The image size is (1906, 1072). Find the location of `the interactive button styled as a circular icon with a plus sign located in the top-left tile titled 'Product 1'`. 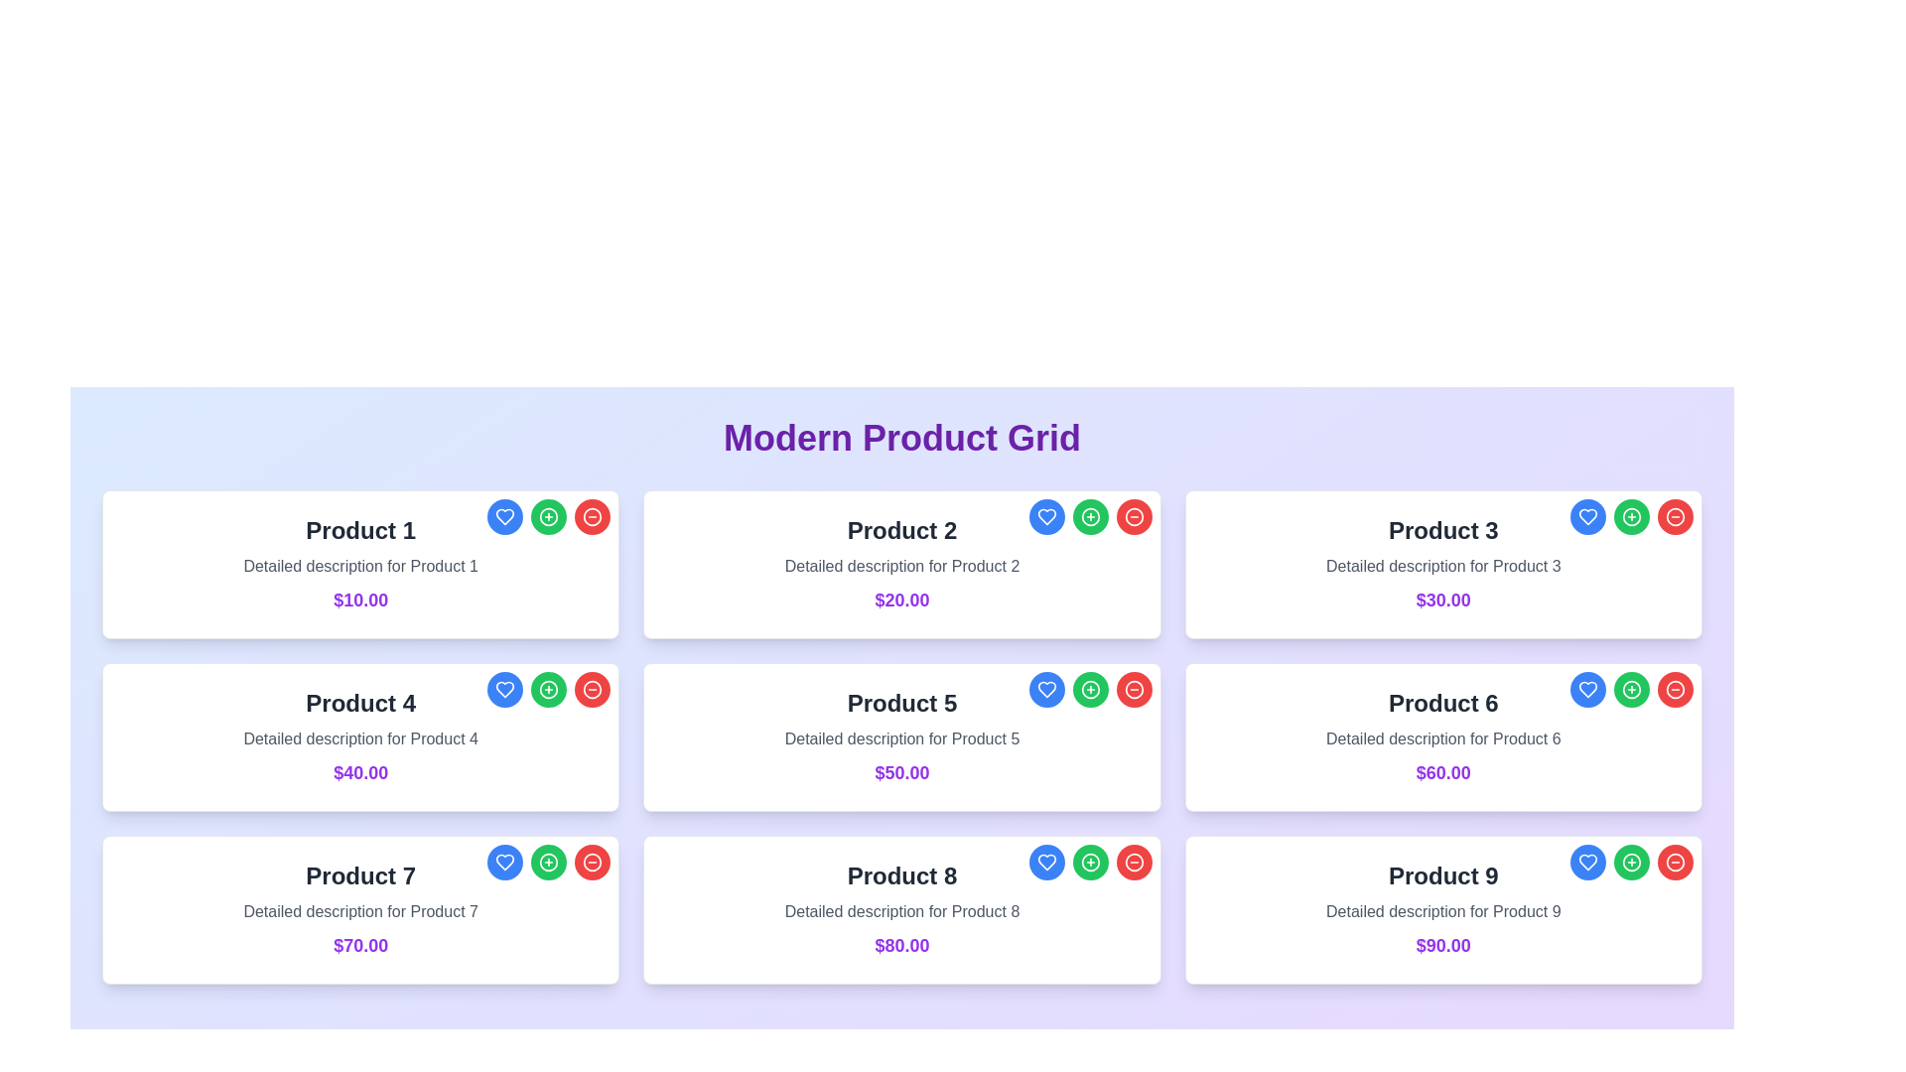

the interactive button styled as a circular icon with a plus sign located in the top-left tile titled 'Product 1' is located at coordinates (549, 515).